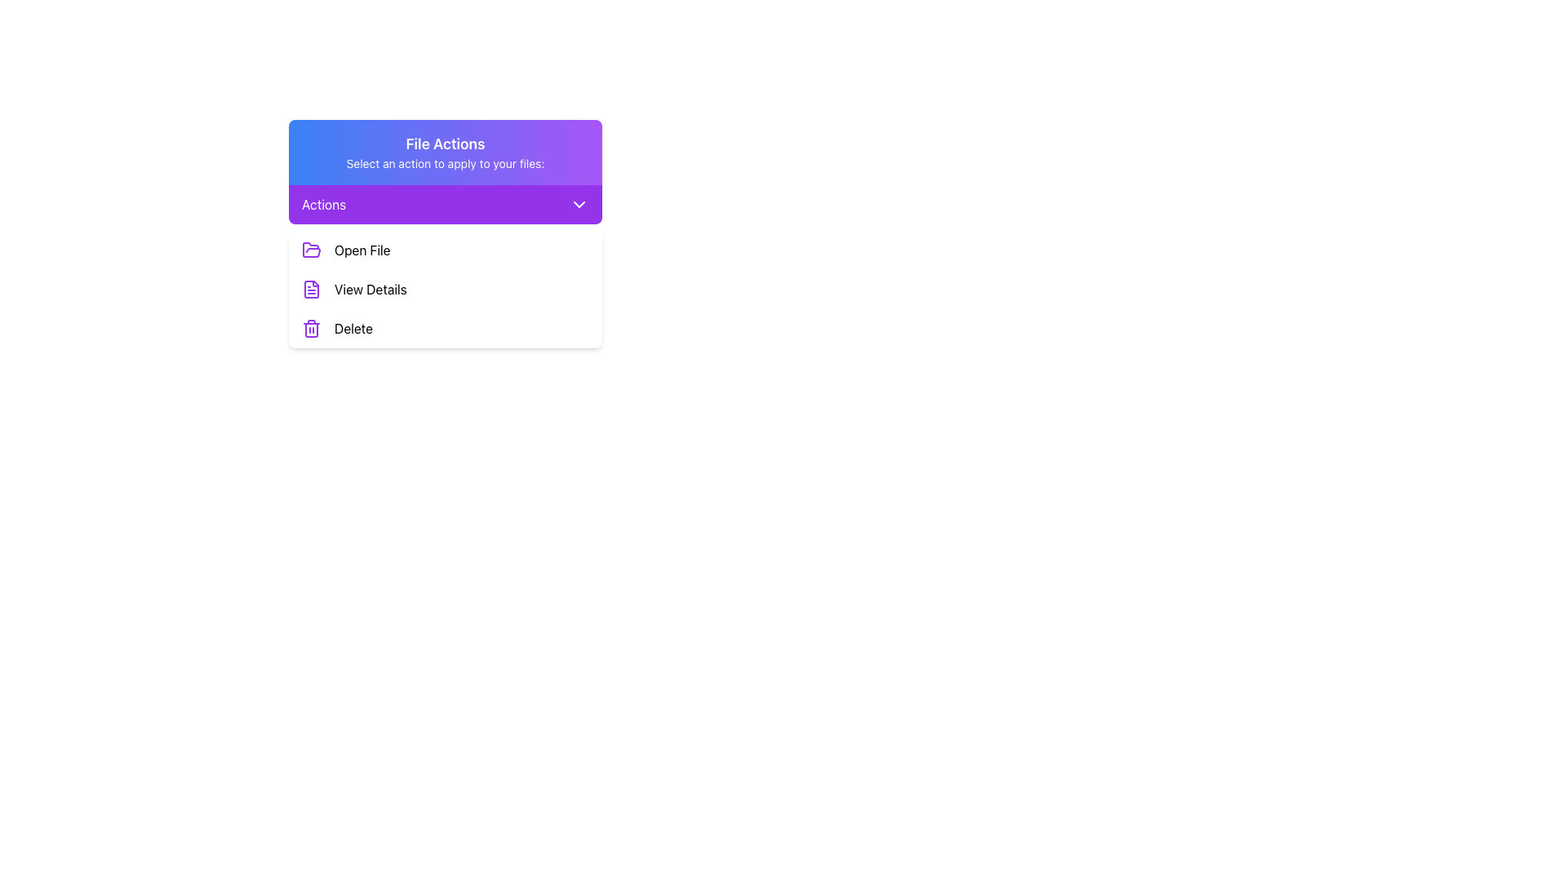  What do you see at coordinates (579, 203) in the screenshot?
I see `the dropdown chevron icon positioned at the far right of the 'Actions' header bar` at bounding box center [579, 203].